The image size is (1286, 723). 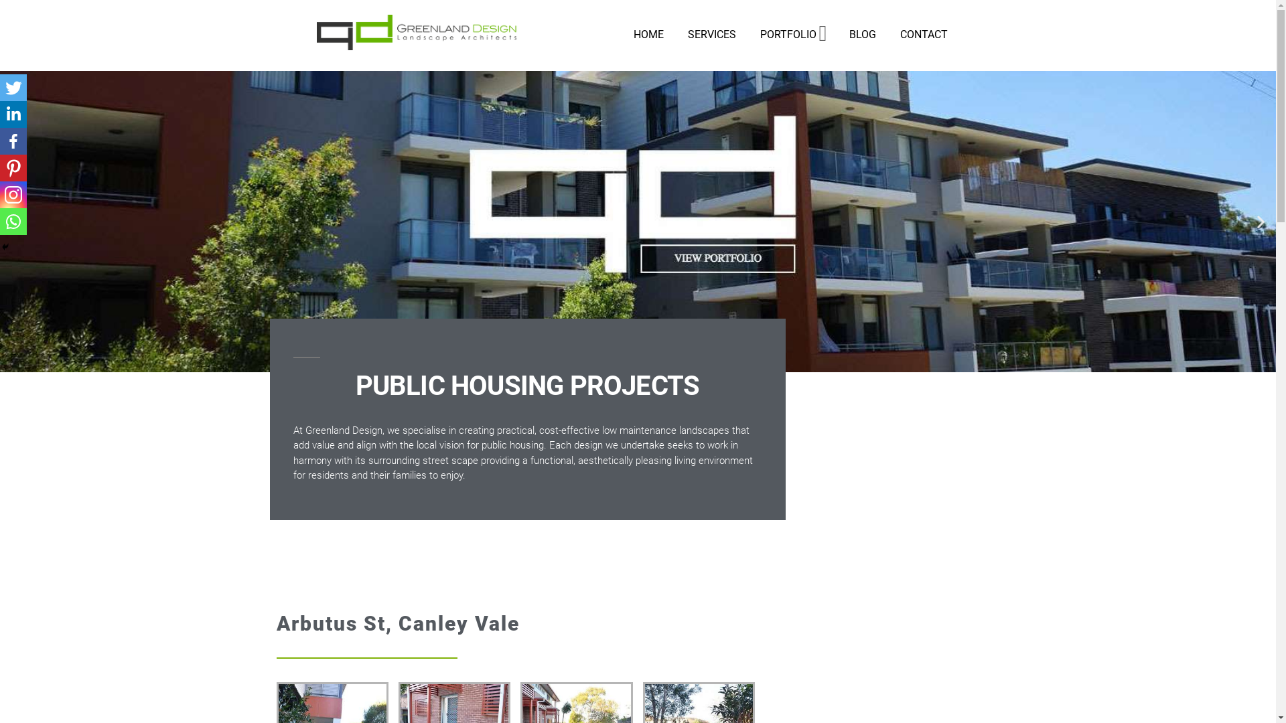 I want to click on 'Facebook', so click(x=13, y=141).